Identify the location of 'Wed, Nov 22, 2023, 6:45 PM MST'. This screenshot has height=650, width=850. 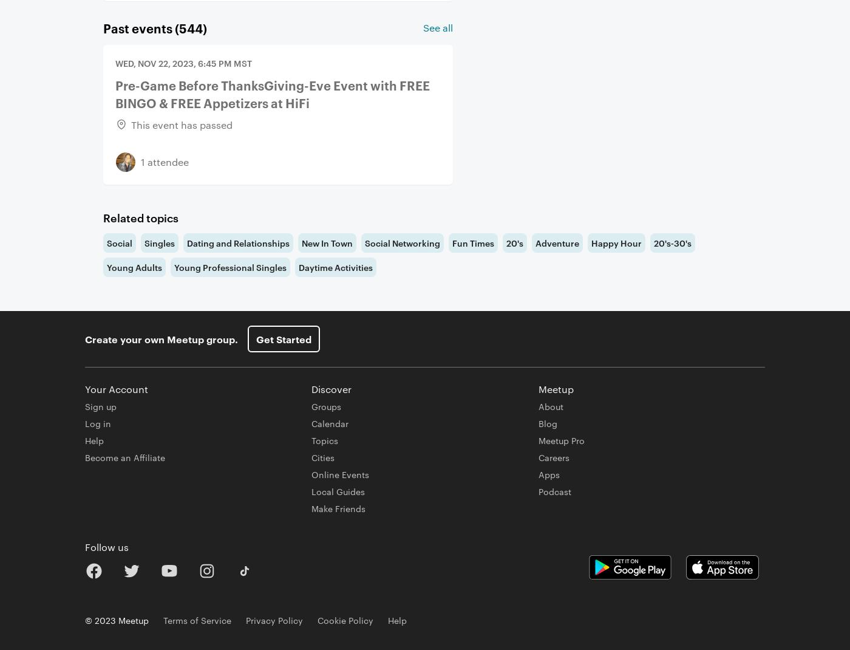
(183, 63).